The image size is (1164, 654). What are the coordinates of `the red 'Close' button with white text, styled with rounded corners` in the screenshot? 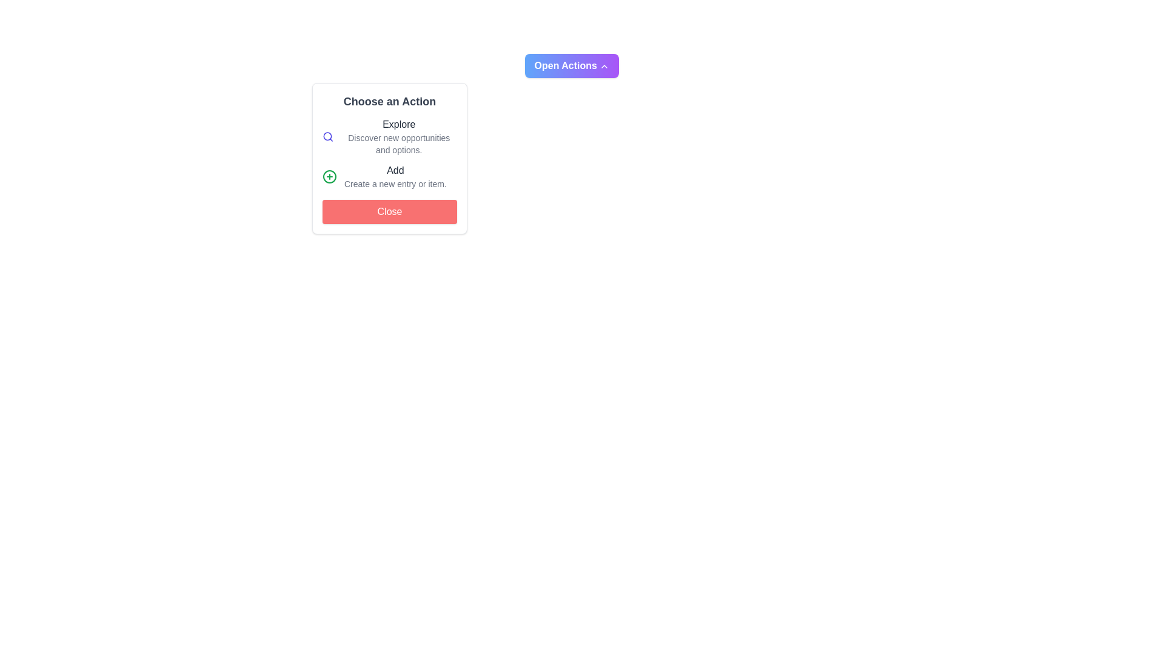 It's located at (390, 211).